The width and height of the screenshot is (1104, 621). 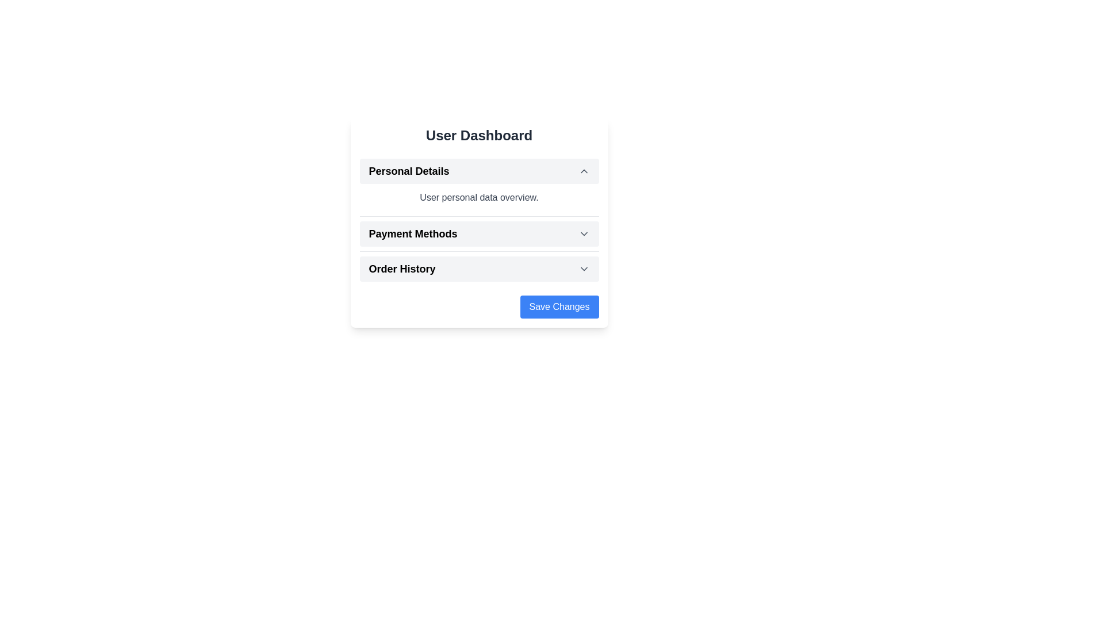 What do you see at coordinates (479, 220) in the screenshot?
I see `the 'Payment Methods' collapsible section` at bounding box center [479, 220].